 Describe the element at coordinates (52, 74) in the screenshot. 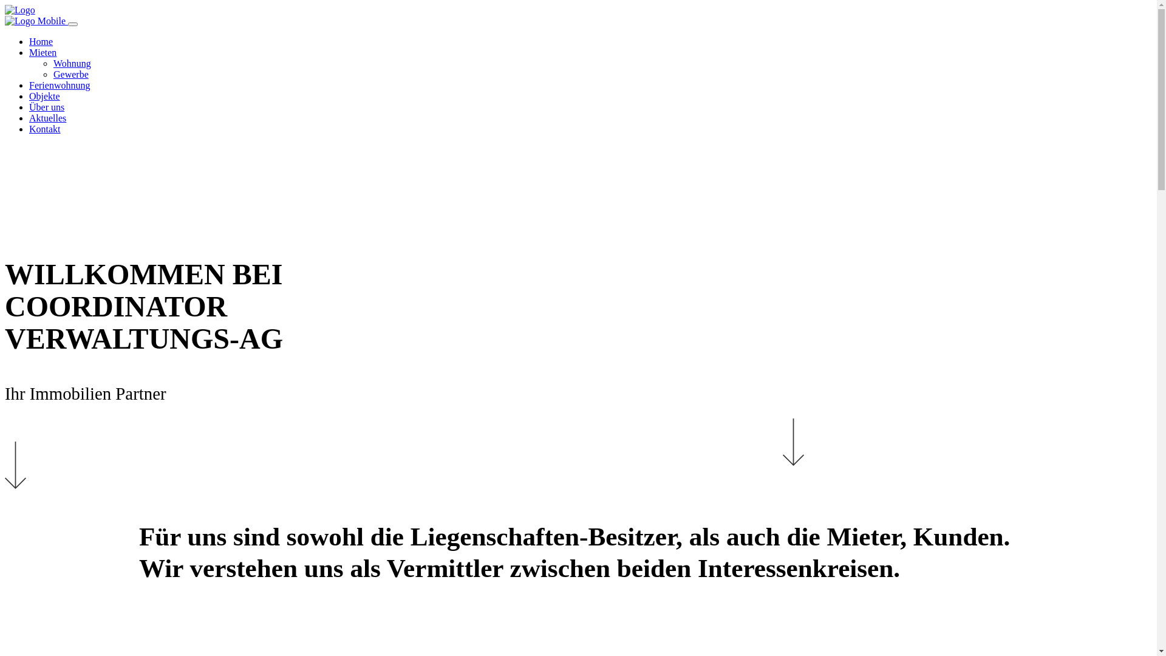

I see `'Gewerbe'` at that location.